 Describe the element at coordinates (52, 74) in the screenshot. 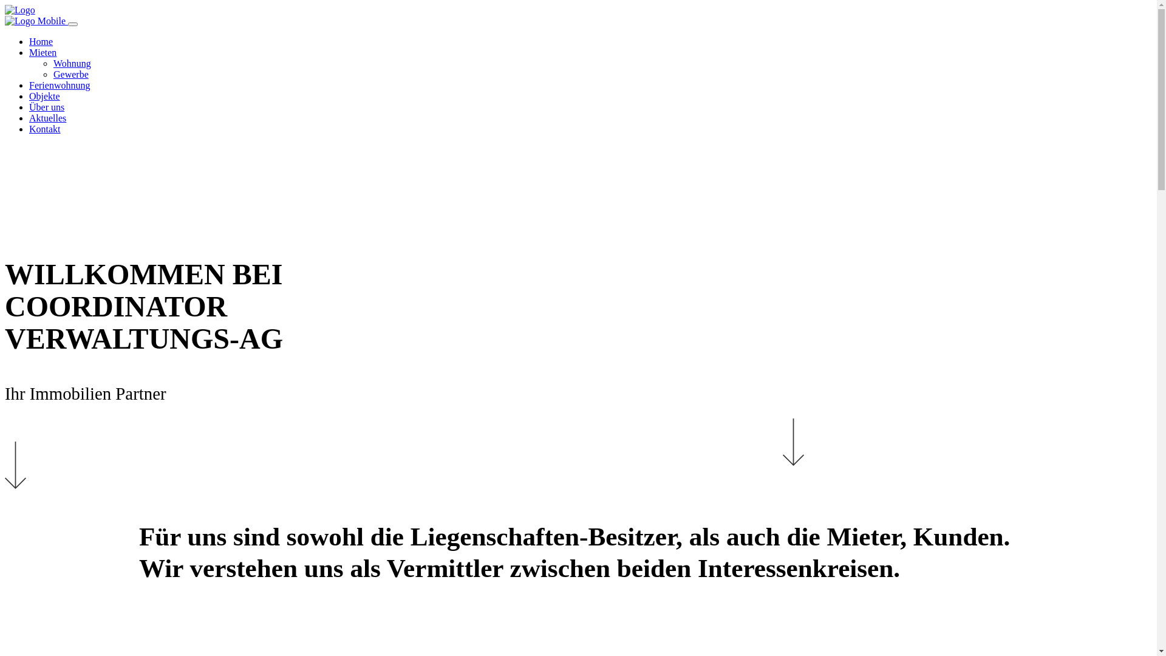

I see `'Gewerbe'` at that location.